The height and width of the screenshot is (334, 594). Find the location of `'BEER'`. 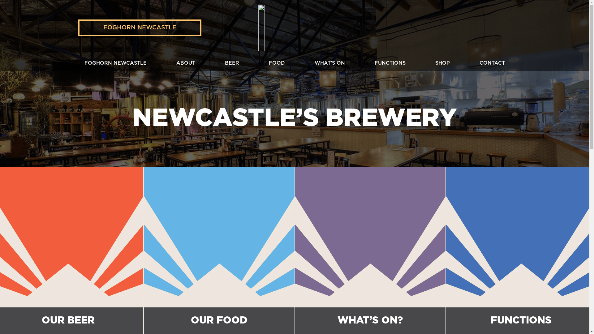

'BEER' is located at coordinates (231, 63).